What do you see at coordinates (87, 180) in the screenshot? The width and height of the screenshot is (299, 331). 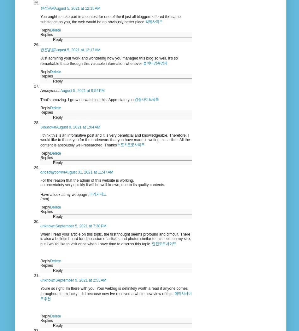 I see `'For the reason that the admin of this website is working,'` at bounding box center [87, 180].